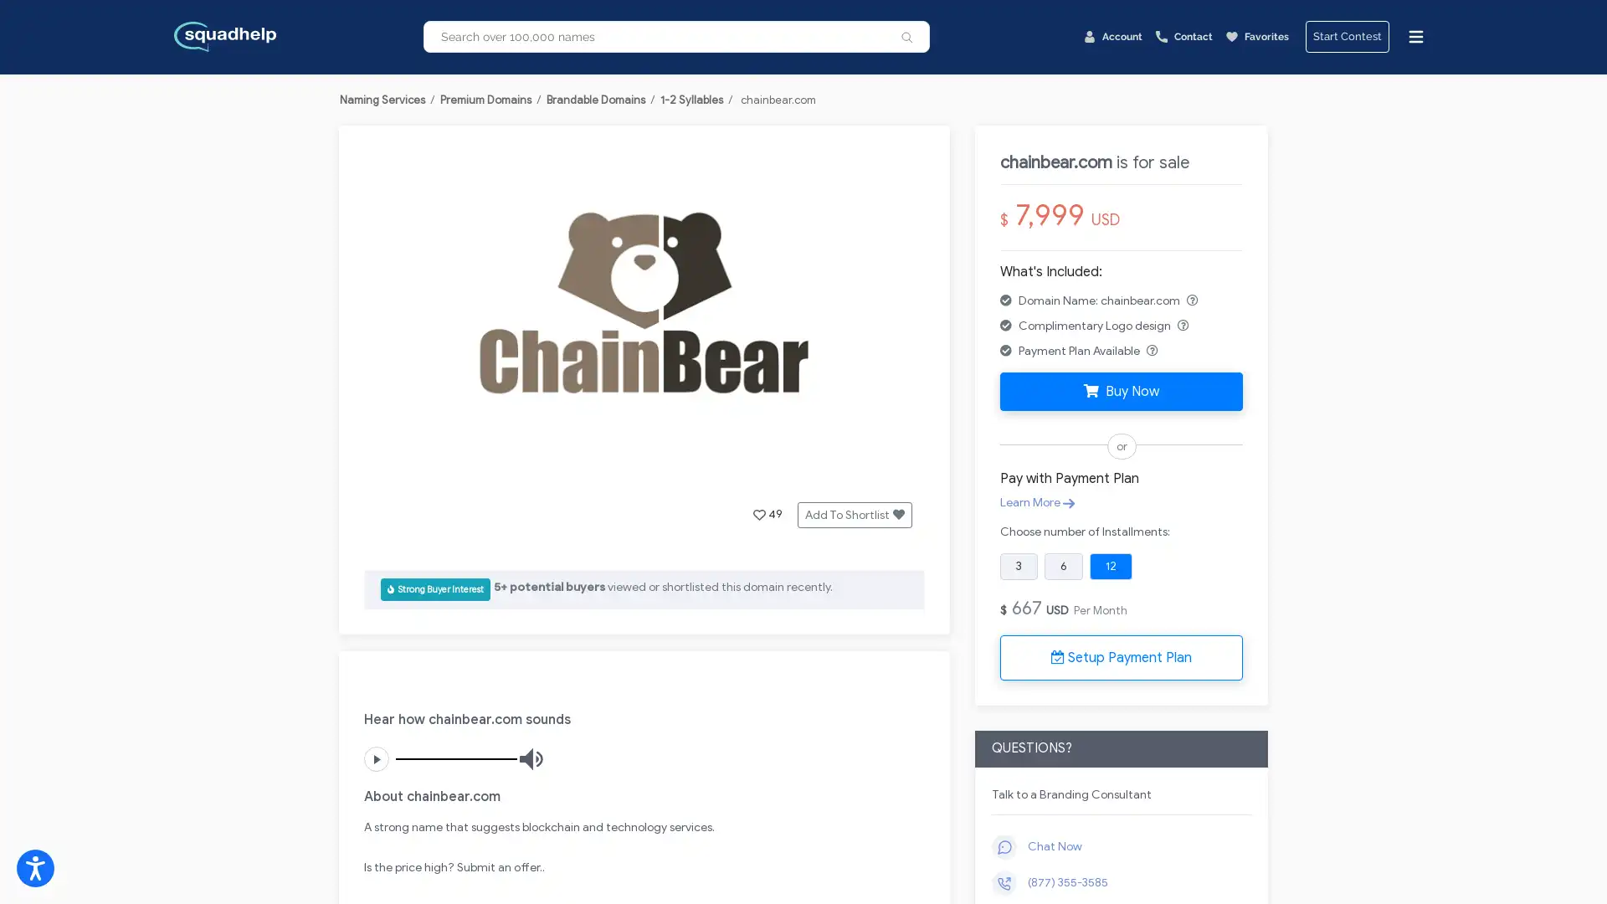 The image size is (1607, 904). What do you see at coordinates (35, 867) in the screenshot?
I see `Open accessibility options, statement and help` at bounding box center [35, 867].